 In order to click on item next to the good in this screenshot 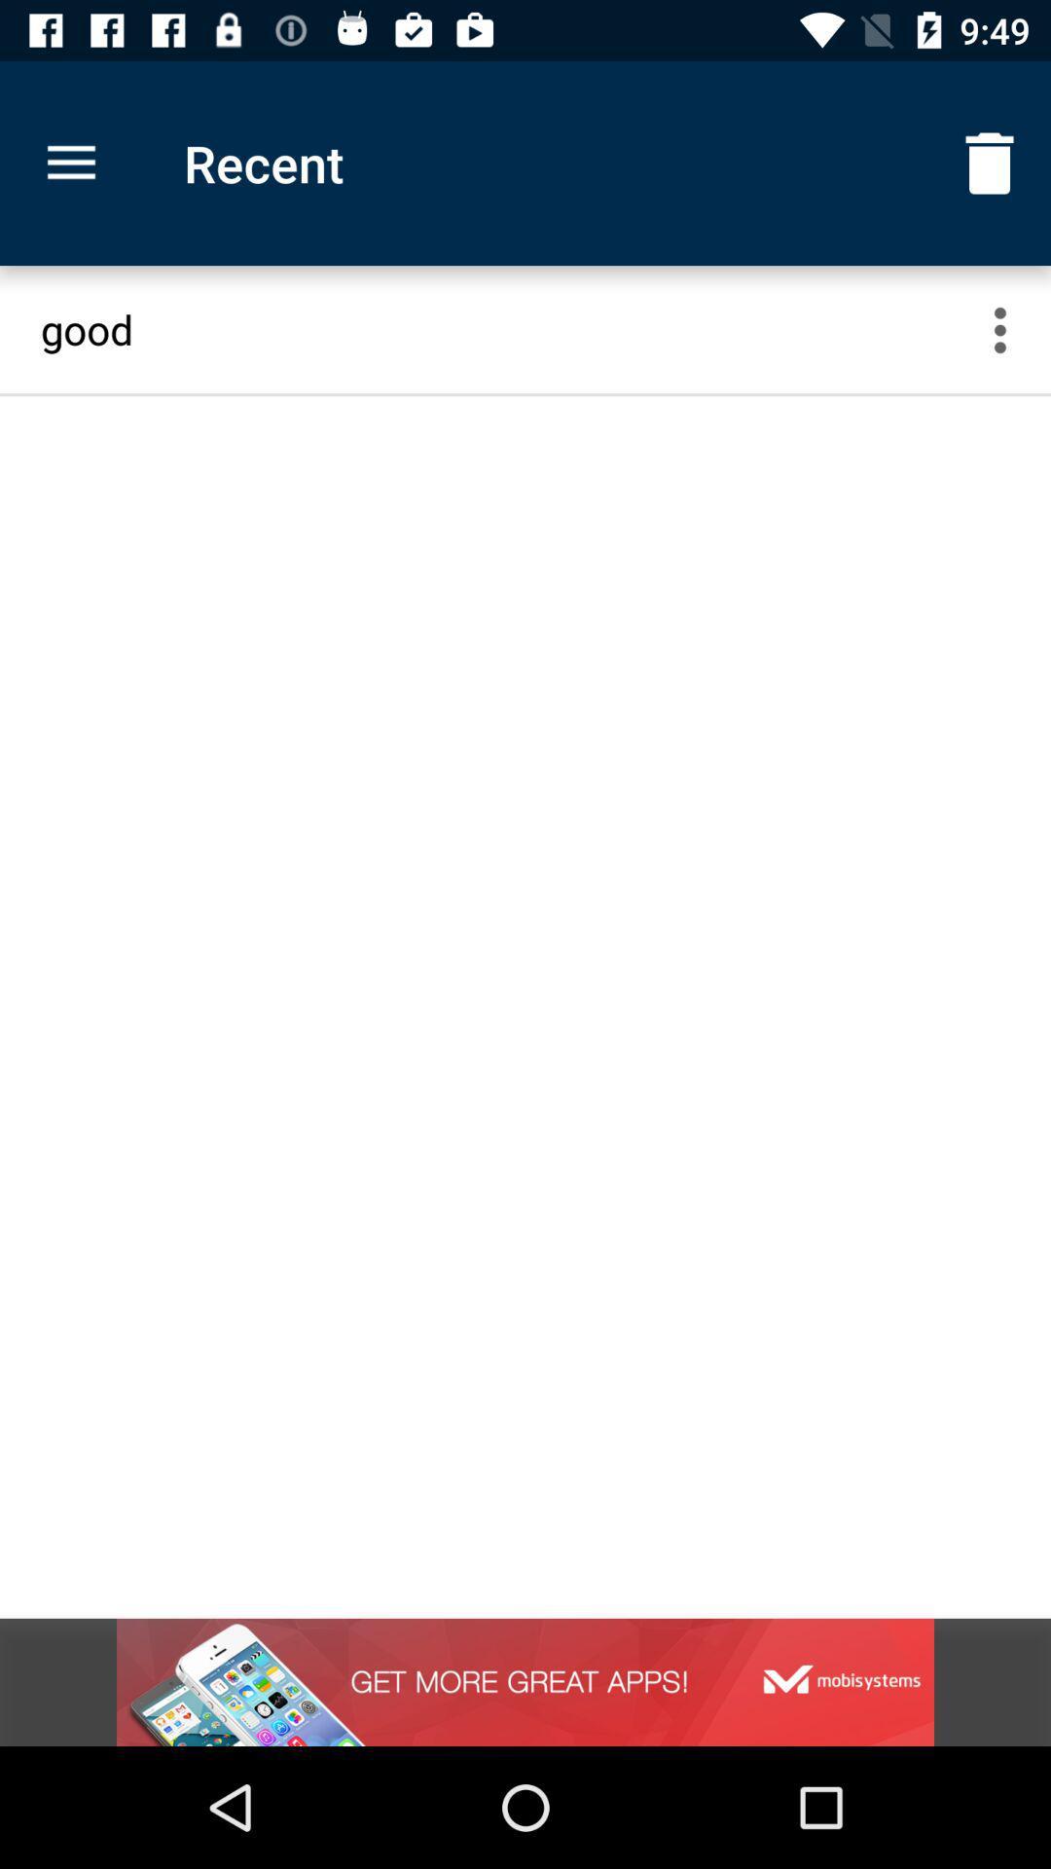, I will do `click(1011, 329)`.